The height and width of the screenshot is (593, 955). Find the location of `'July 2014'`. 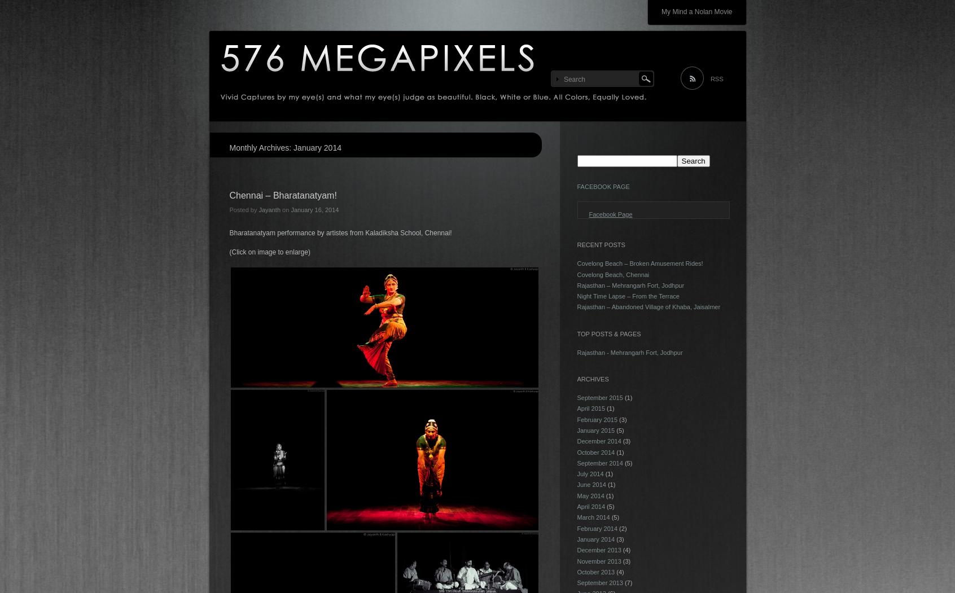

'July 2014' is located at coordinates (589, 473).